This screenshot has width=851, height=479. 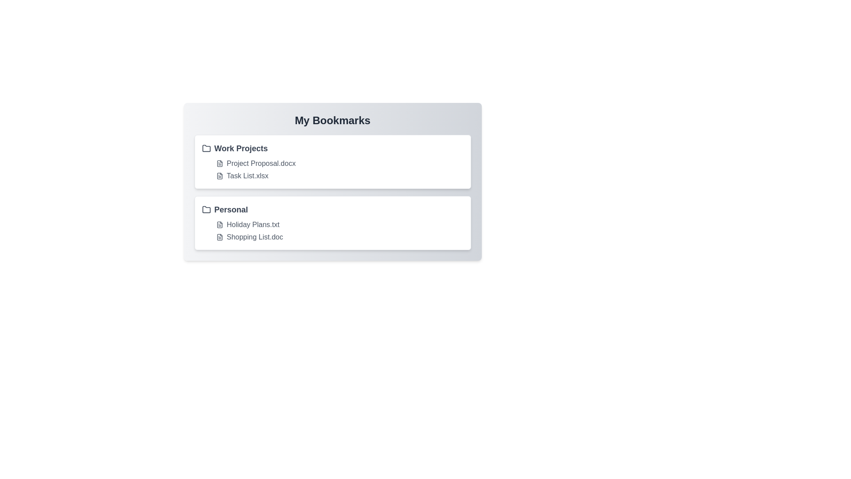 What do you see at coordinates (254, 237) in the screenshot?
I see `the 'Shopping List.doc' text label located under the 'Personal' folder section to bring up the context menu` at bounding box center [254, 237].